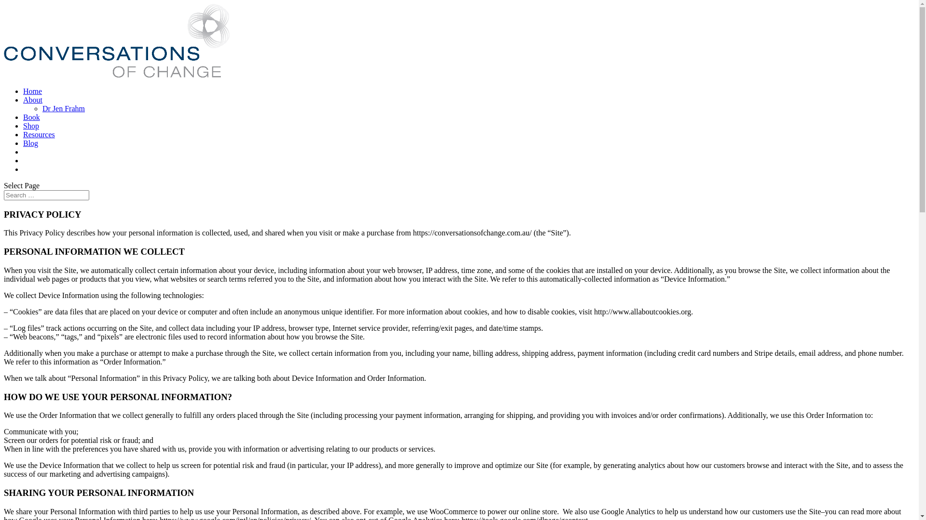 The image size is (926, 520). I want to click on 'About', so click(32, 100).